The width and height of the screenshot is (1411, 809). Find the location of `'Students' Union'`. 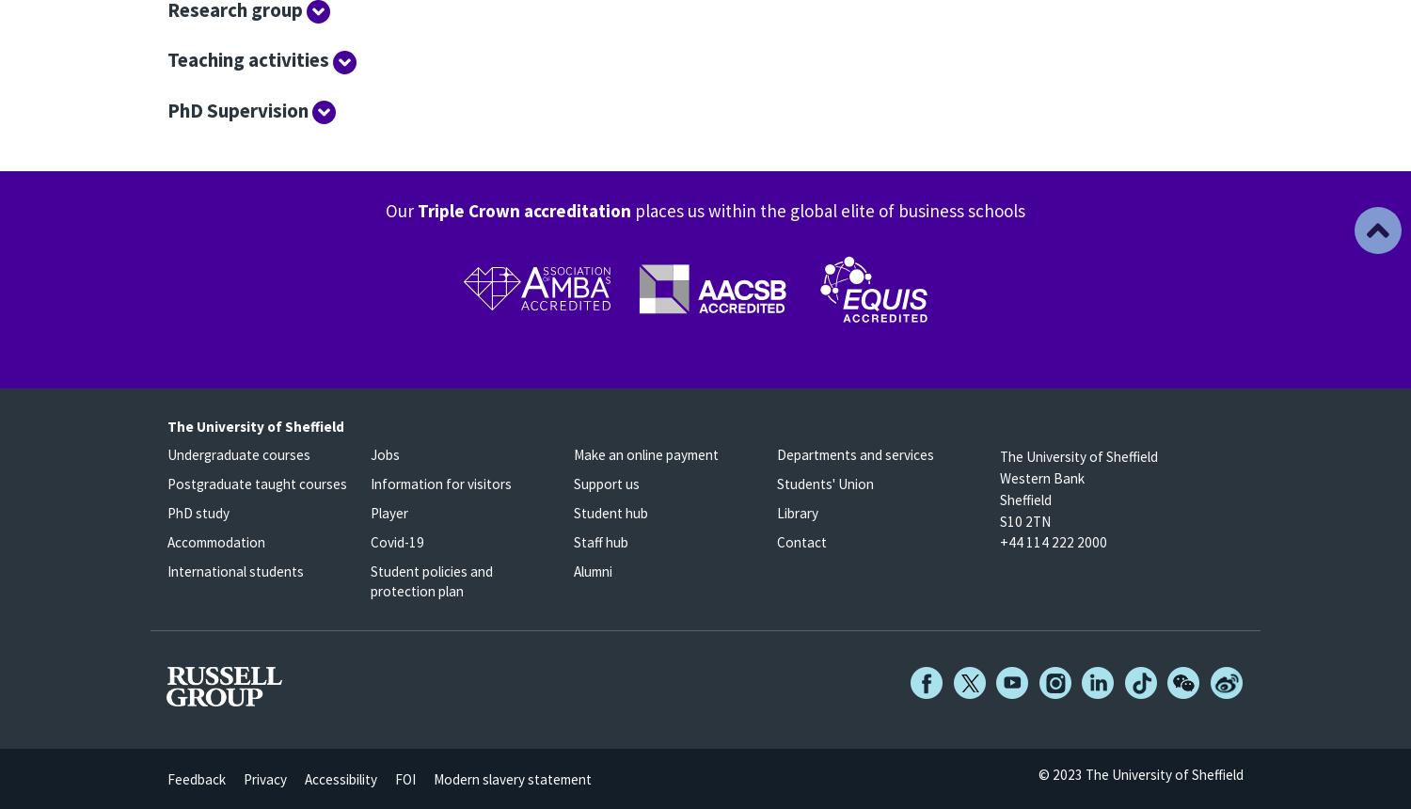

'Students' Union' is located at coordinates (825, 483).